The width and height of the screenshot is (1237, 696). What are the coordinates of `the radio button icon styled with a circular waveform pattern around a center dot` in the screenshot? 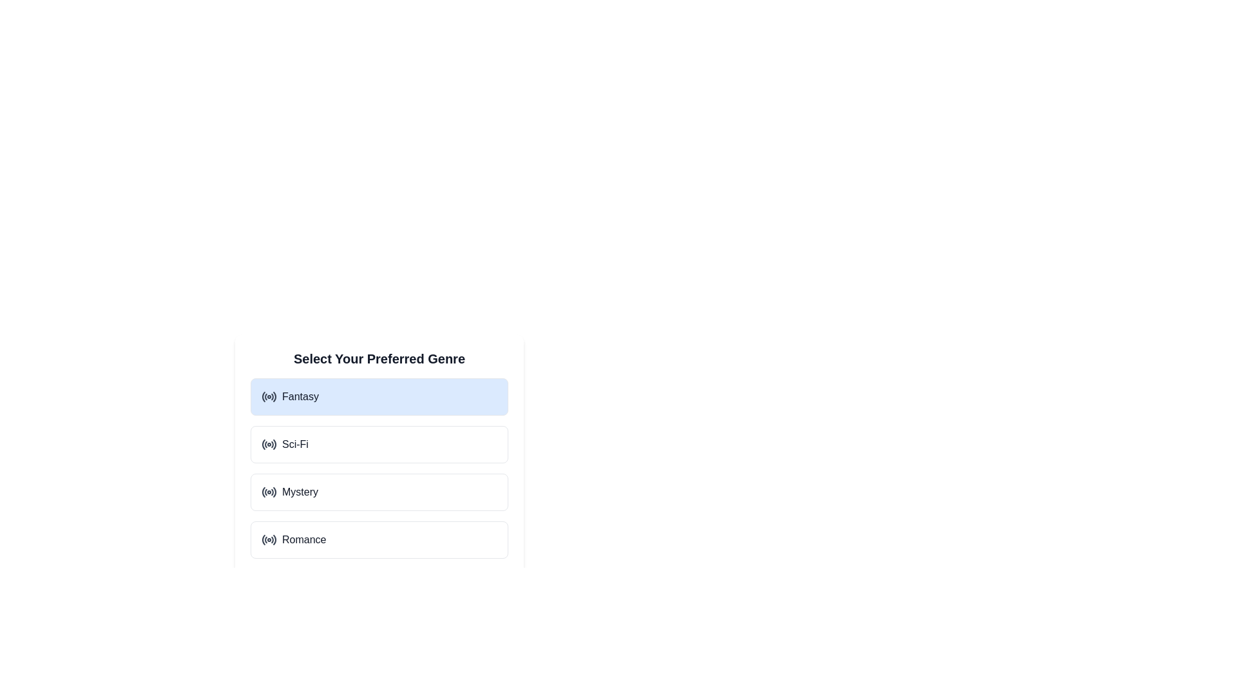 It's located at (268, 492).